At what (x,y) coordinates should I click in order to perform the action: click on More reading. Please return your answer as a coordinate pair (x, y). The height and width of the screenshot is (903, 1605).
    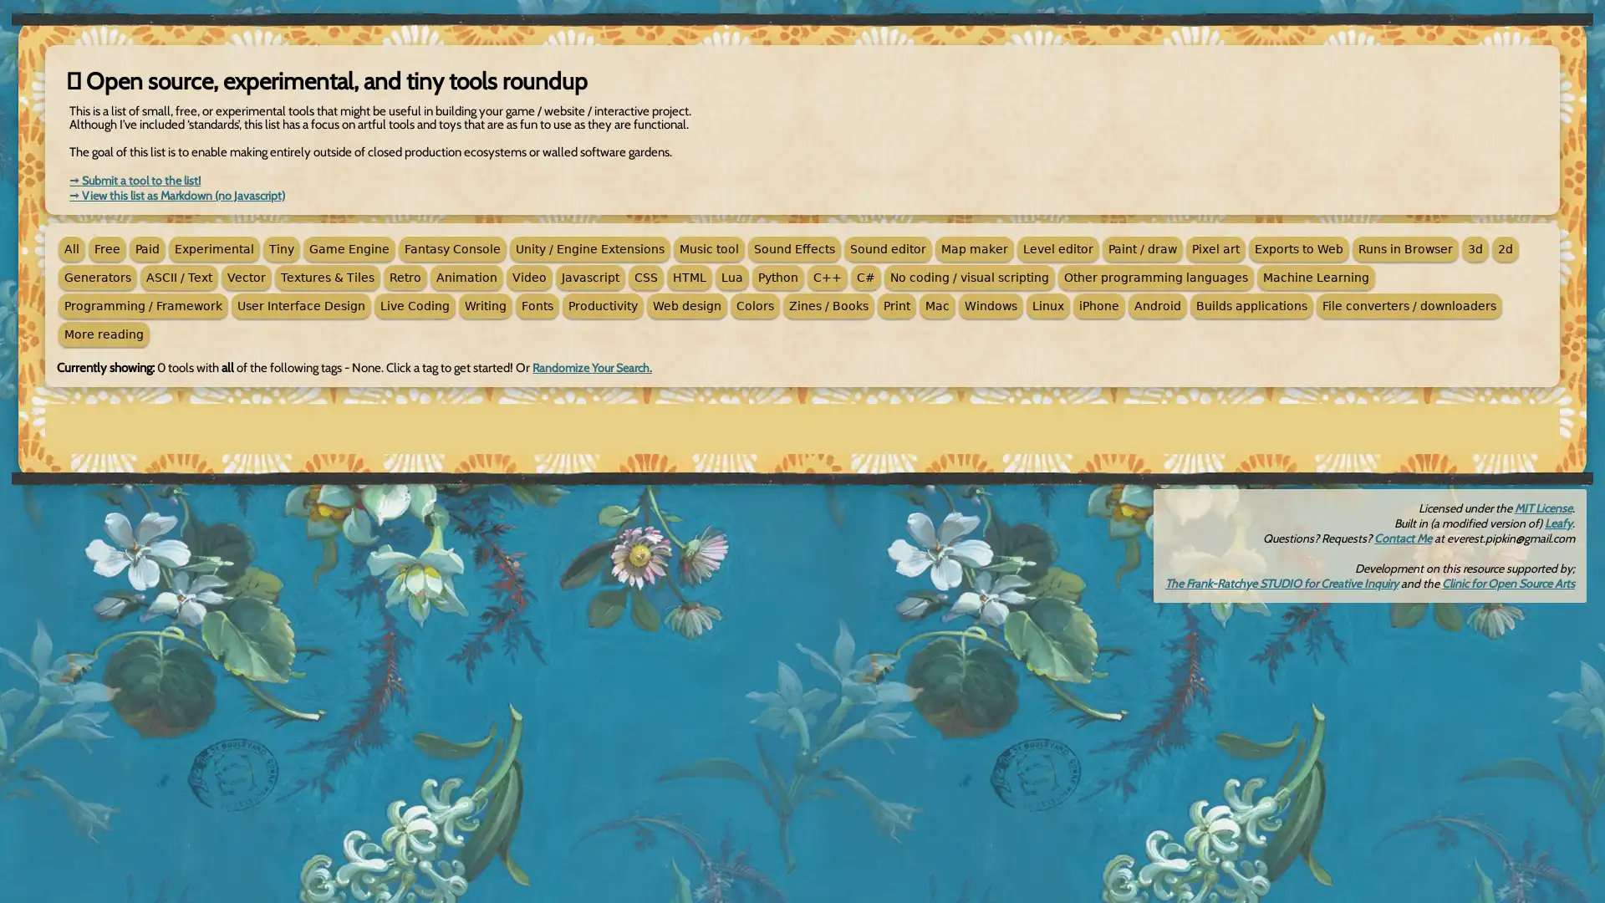
    Looking at the image, I should click on (103, 334).